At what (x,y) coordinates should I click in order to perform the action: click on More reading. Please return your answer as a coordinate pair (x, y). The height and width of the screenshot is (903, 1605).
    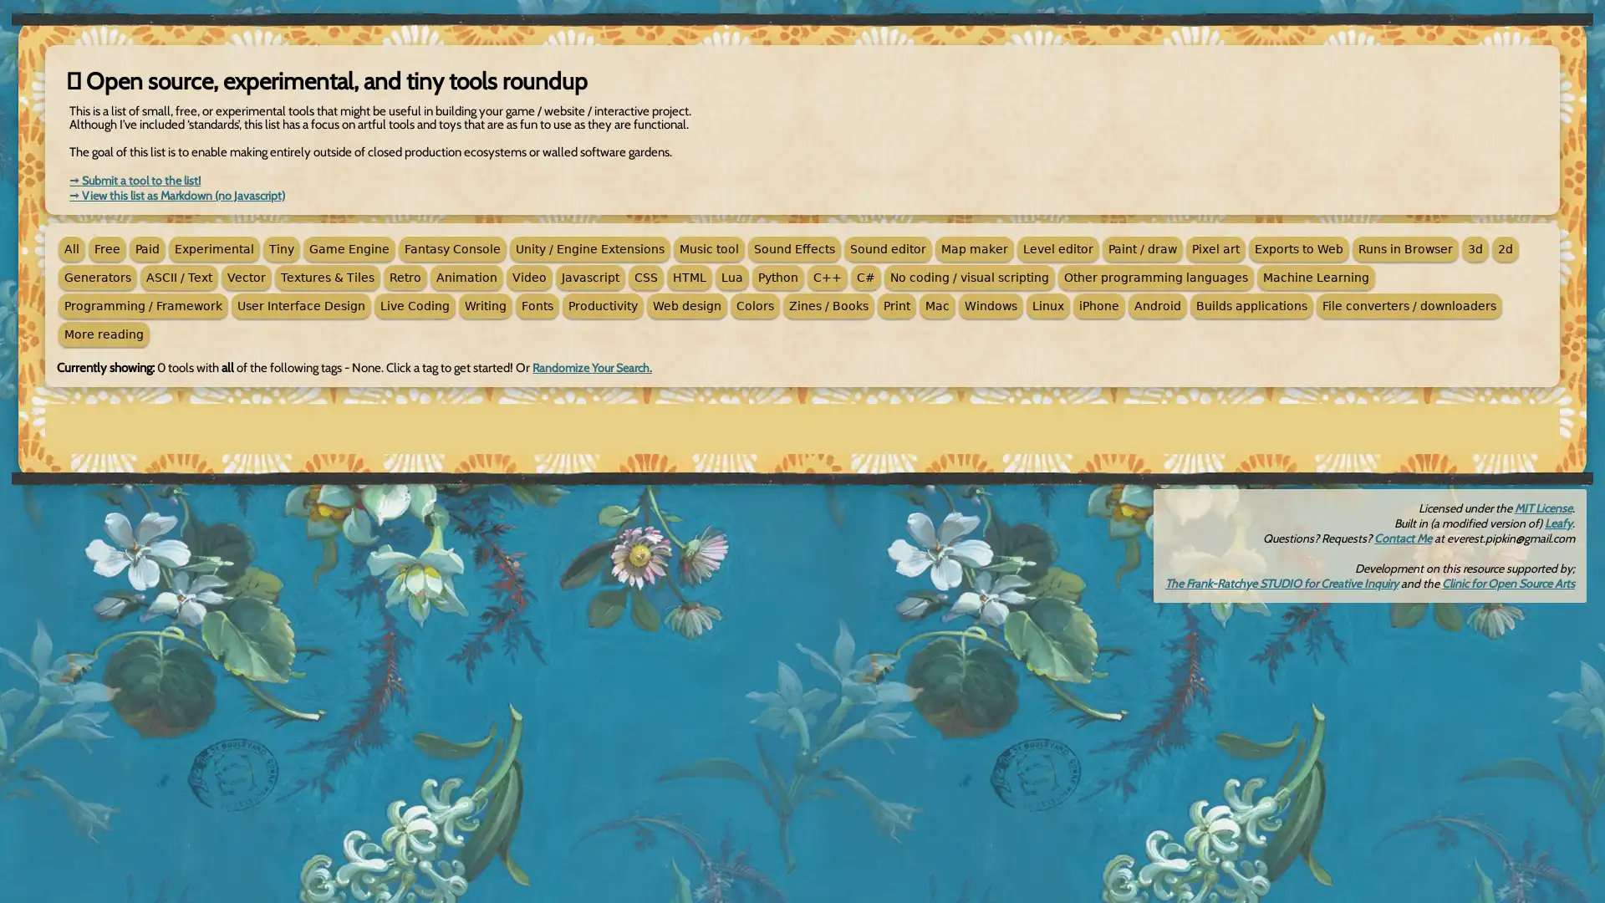
    Looking at the image, I should click on (103, 334).